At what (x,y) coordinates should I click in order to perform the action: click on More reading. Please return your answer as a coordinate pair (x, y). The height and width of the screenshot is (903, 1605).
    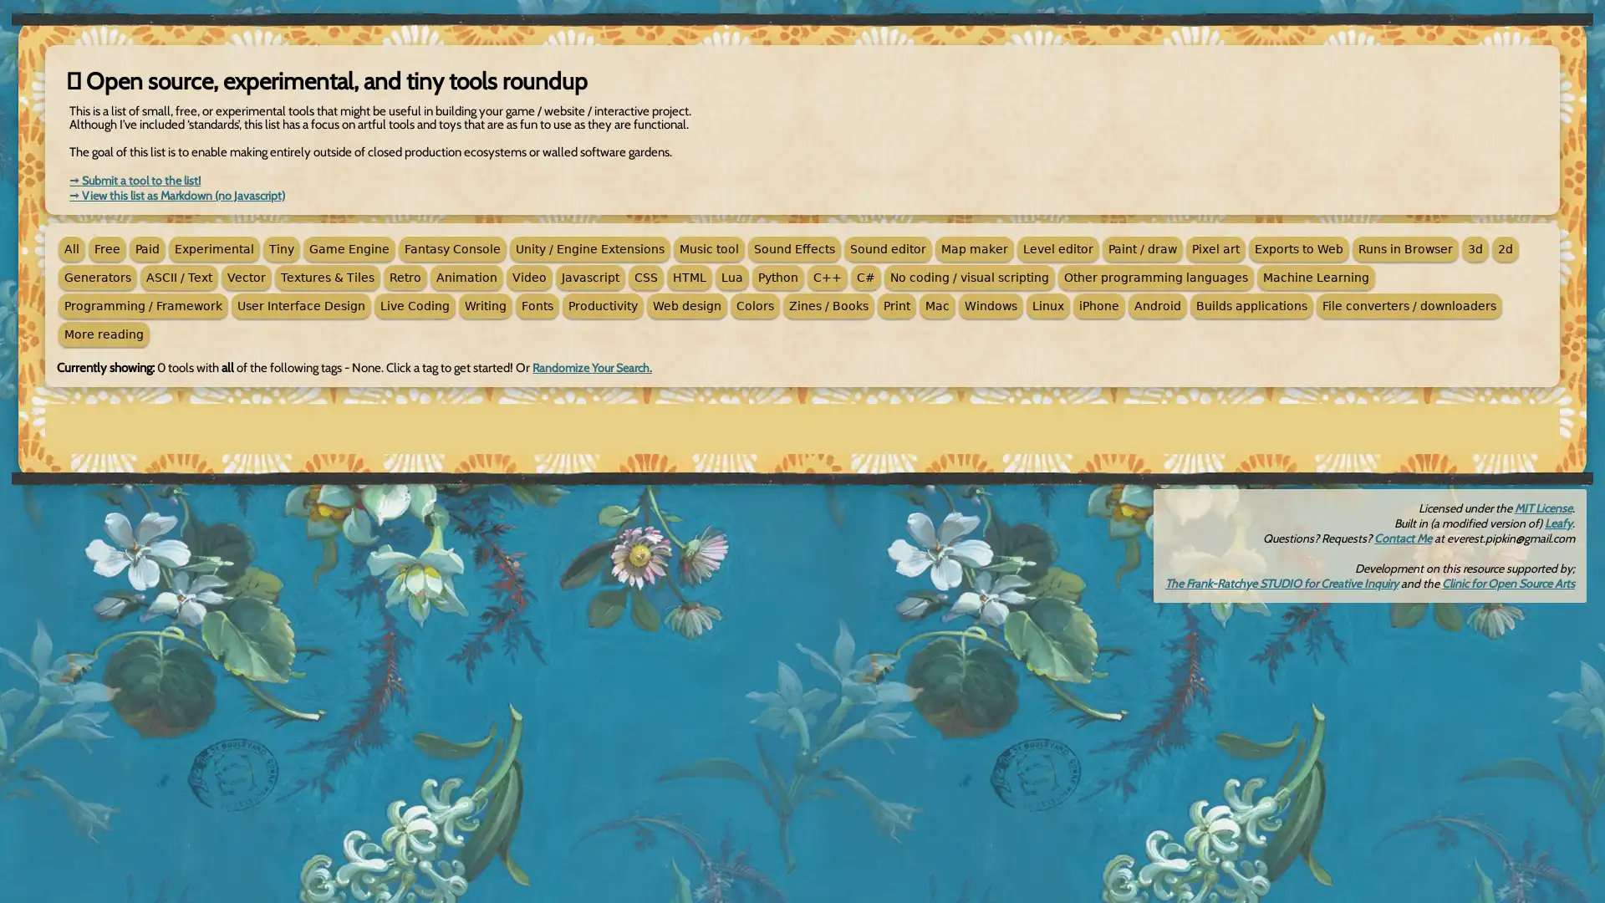
    Looking at the image, I should click on (103, 334).